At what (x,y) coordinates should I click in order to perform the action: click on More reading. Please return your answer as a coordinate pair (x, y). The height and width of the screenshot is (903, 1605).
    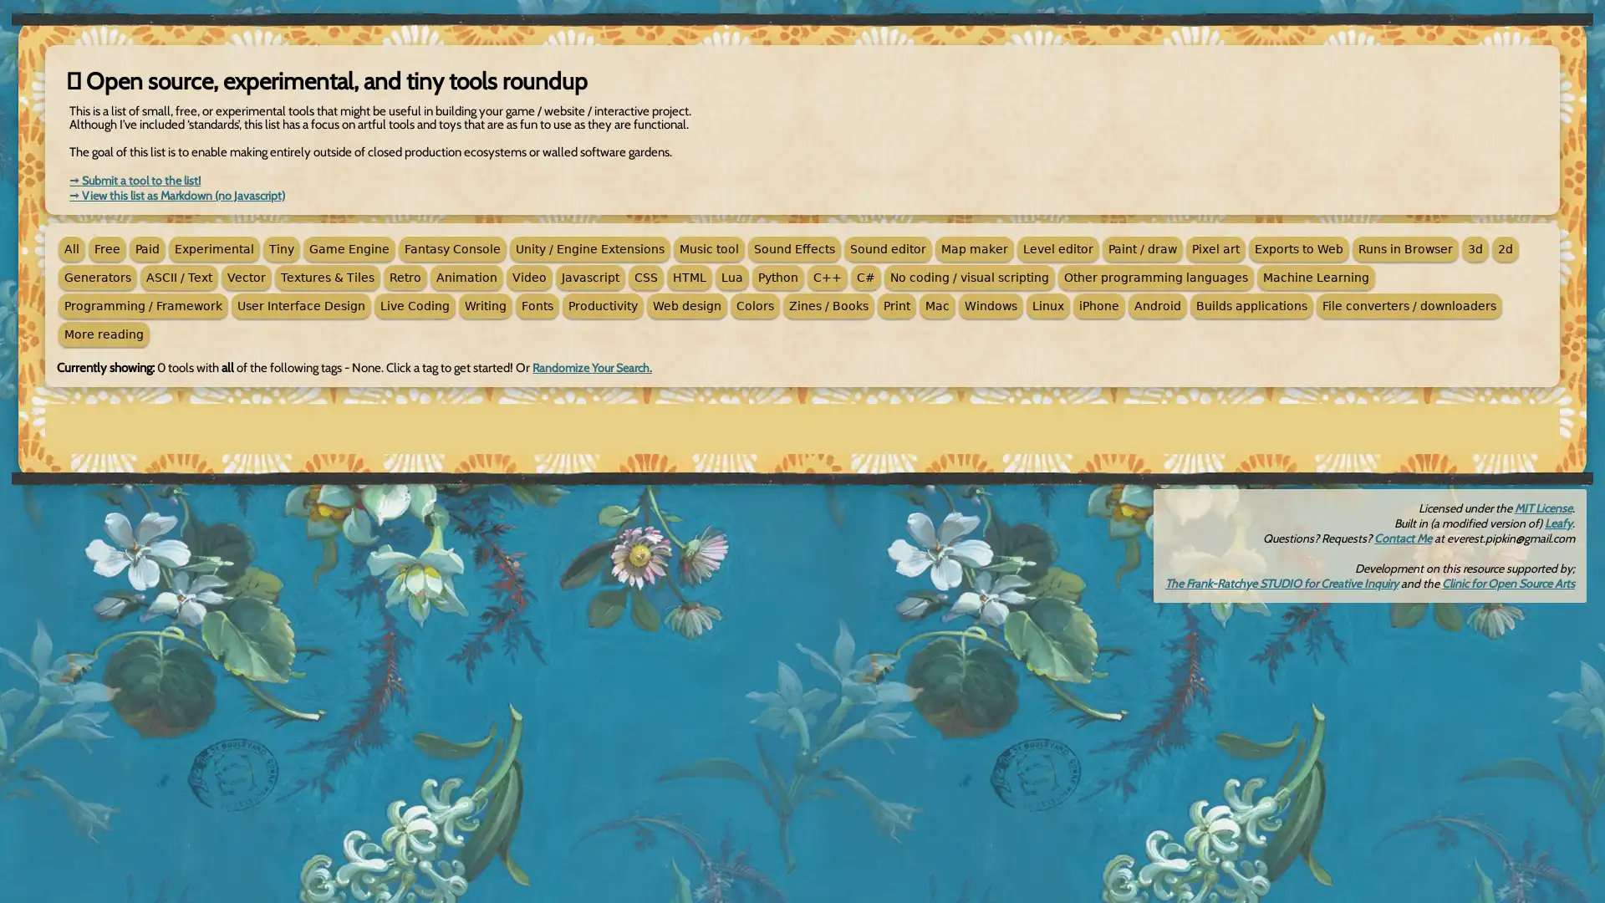
    Looking at the image, I should click on (103, 334).